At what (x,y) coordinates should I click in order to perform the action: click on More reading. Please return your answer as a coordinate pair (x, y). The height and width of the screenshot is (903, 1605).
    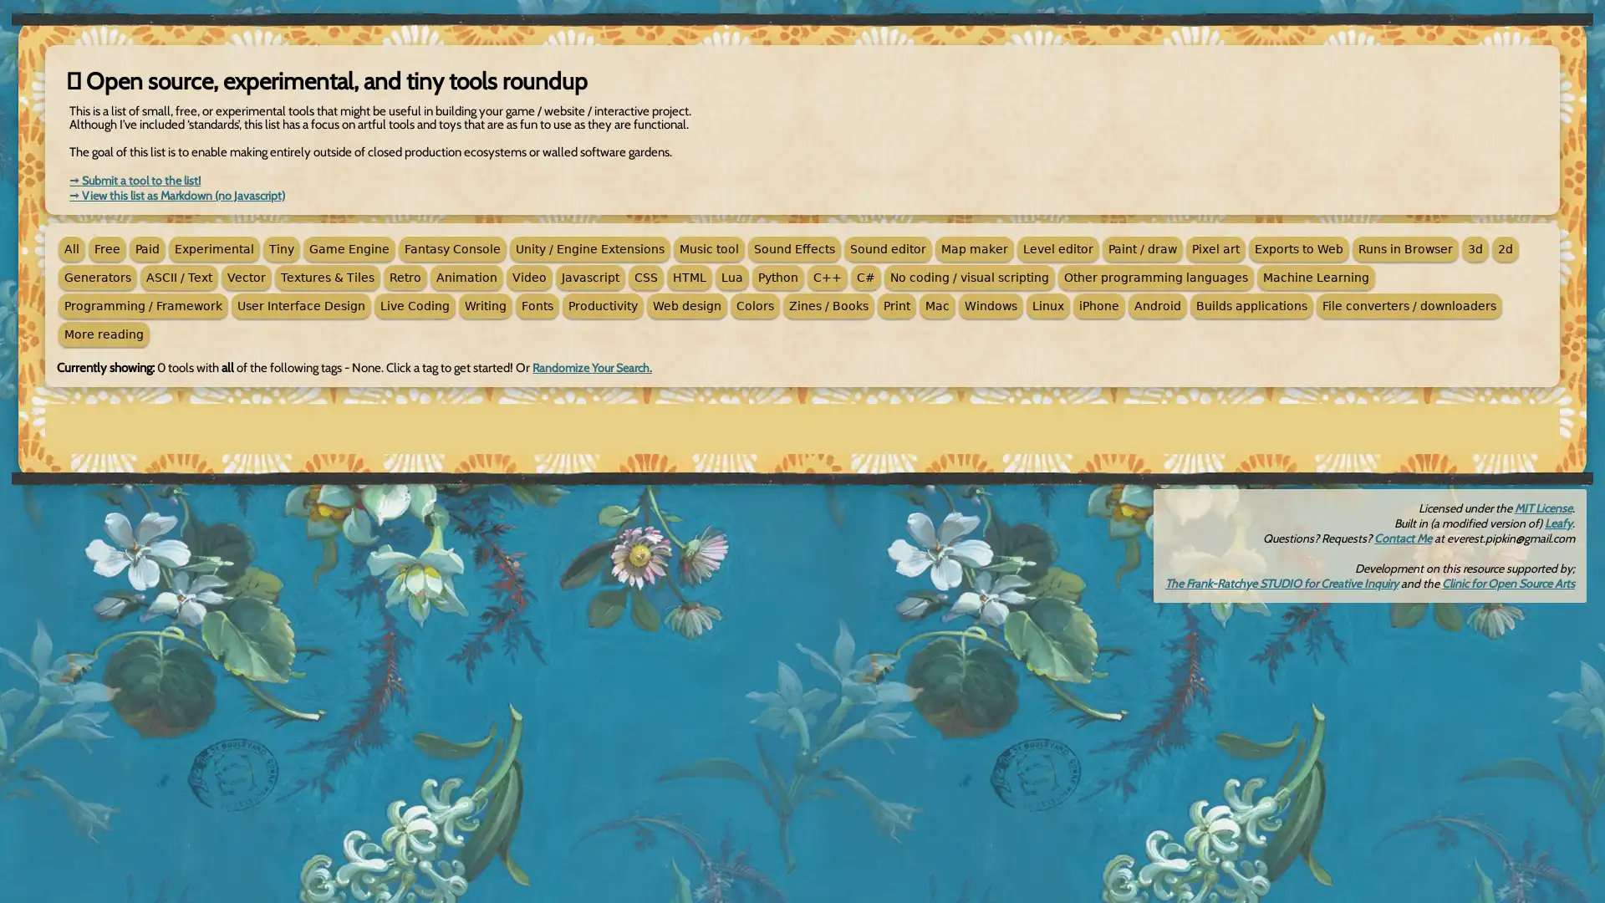
    Looking at the image, I should click on (103, 334).